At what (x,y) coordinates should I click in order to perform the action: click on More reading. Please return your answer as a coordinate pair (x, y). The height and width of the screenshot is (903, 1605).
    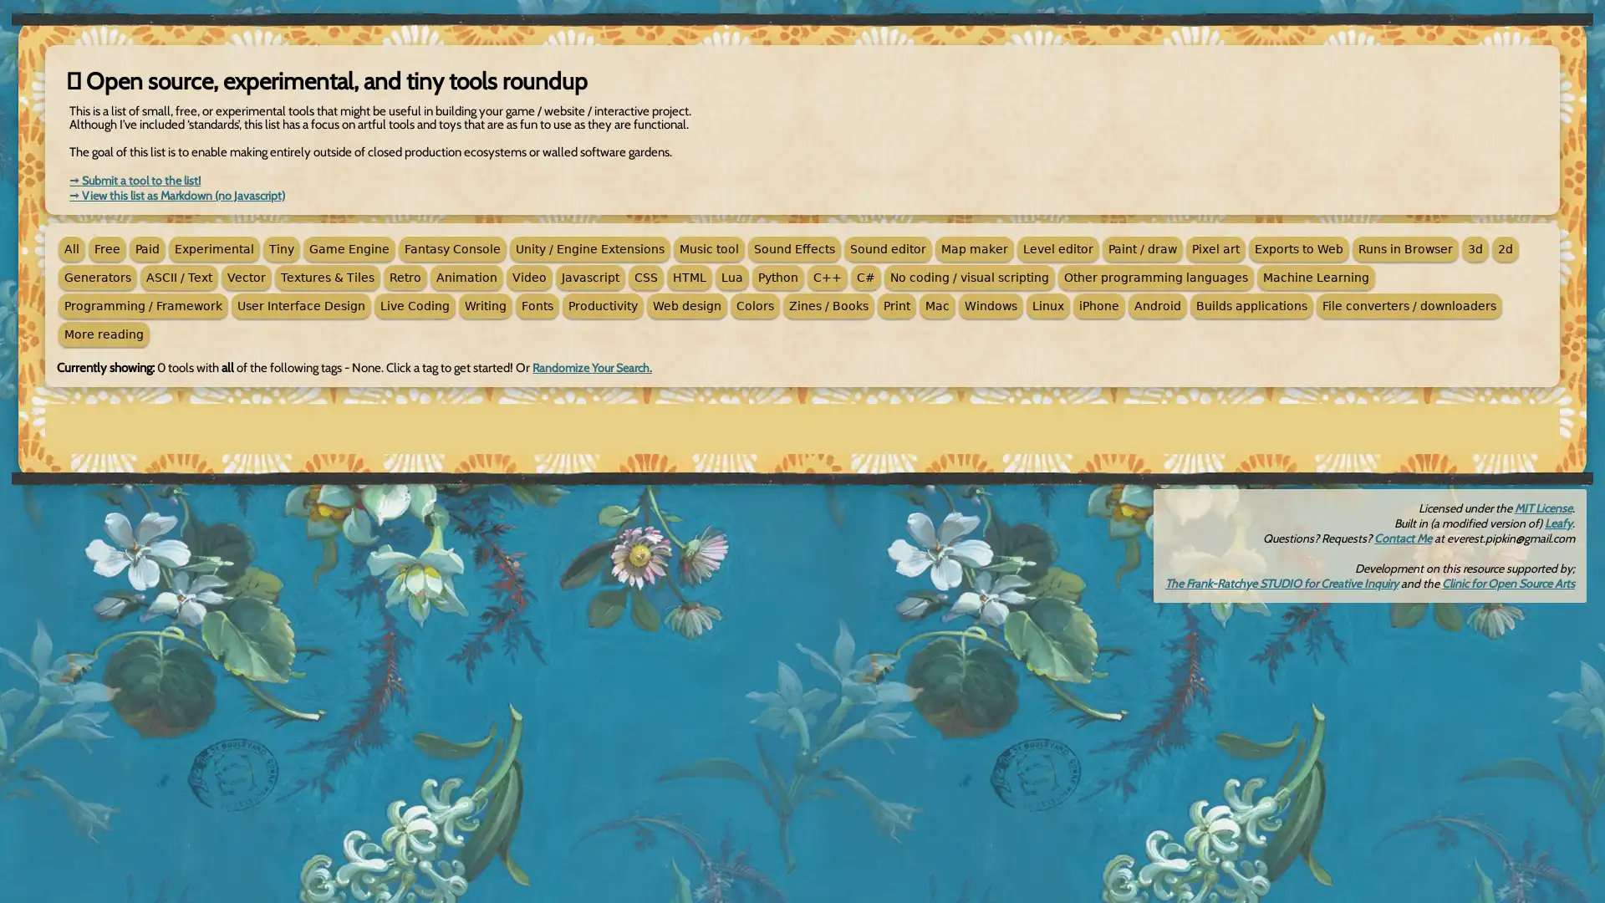
    Looking at the image, I should click on (103, 334).